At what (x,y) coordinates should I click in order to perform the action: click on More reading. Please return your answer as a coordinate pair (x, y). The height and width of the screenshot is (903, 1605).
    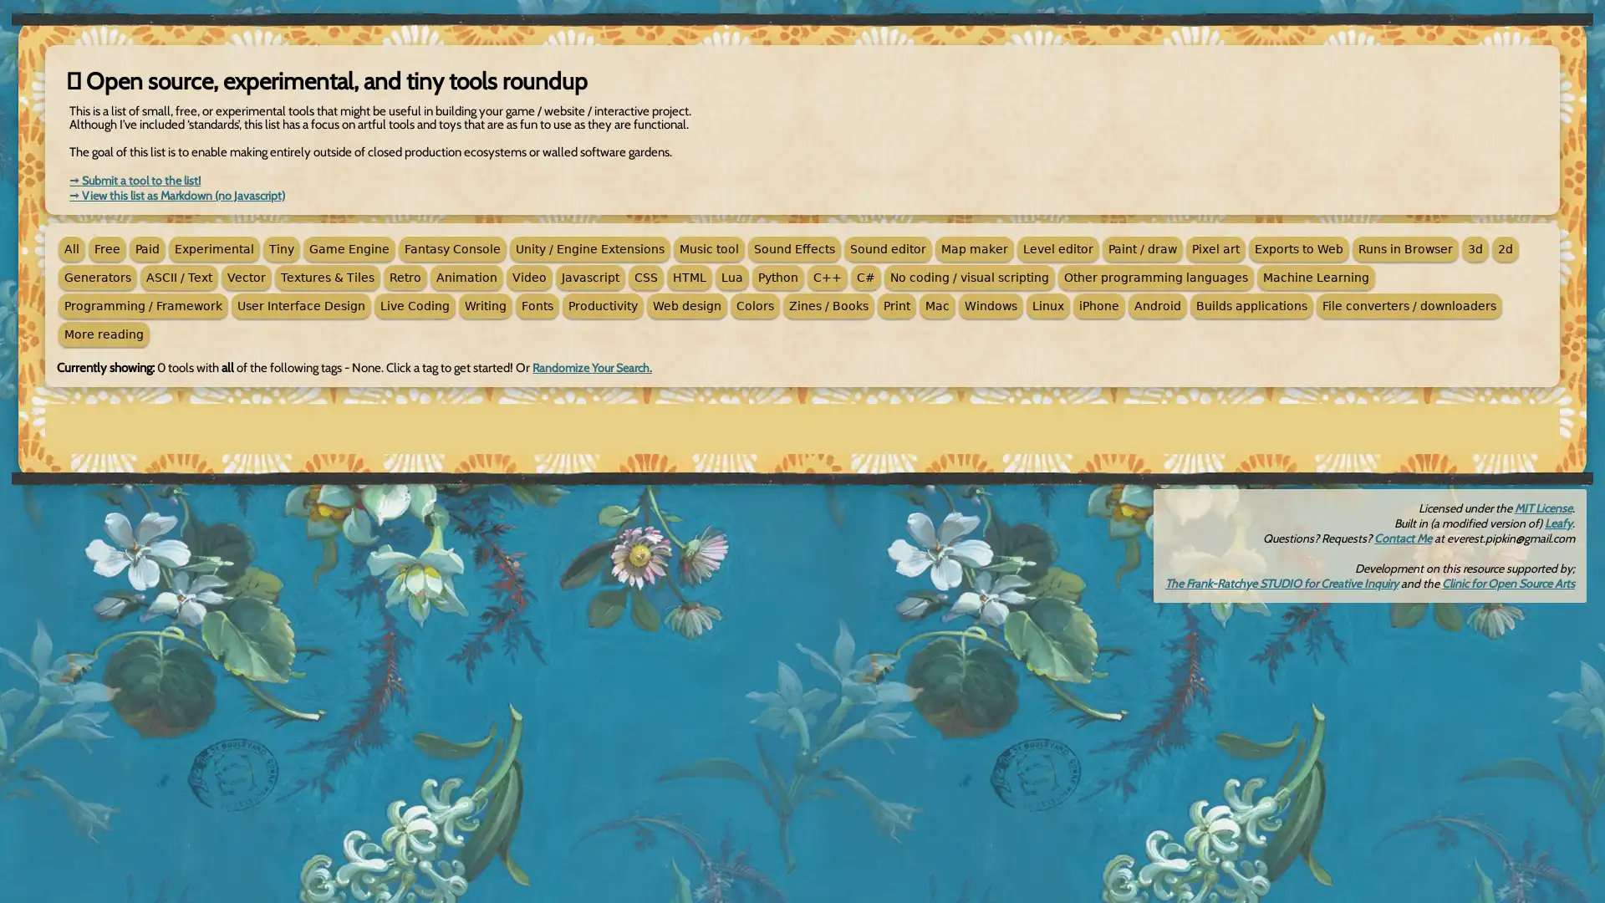
    Looking at the image, I should click on (103, 334).